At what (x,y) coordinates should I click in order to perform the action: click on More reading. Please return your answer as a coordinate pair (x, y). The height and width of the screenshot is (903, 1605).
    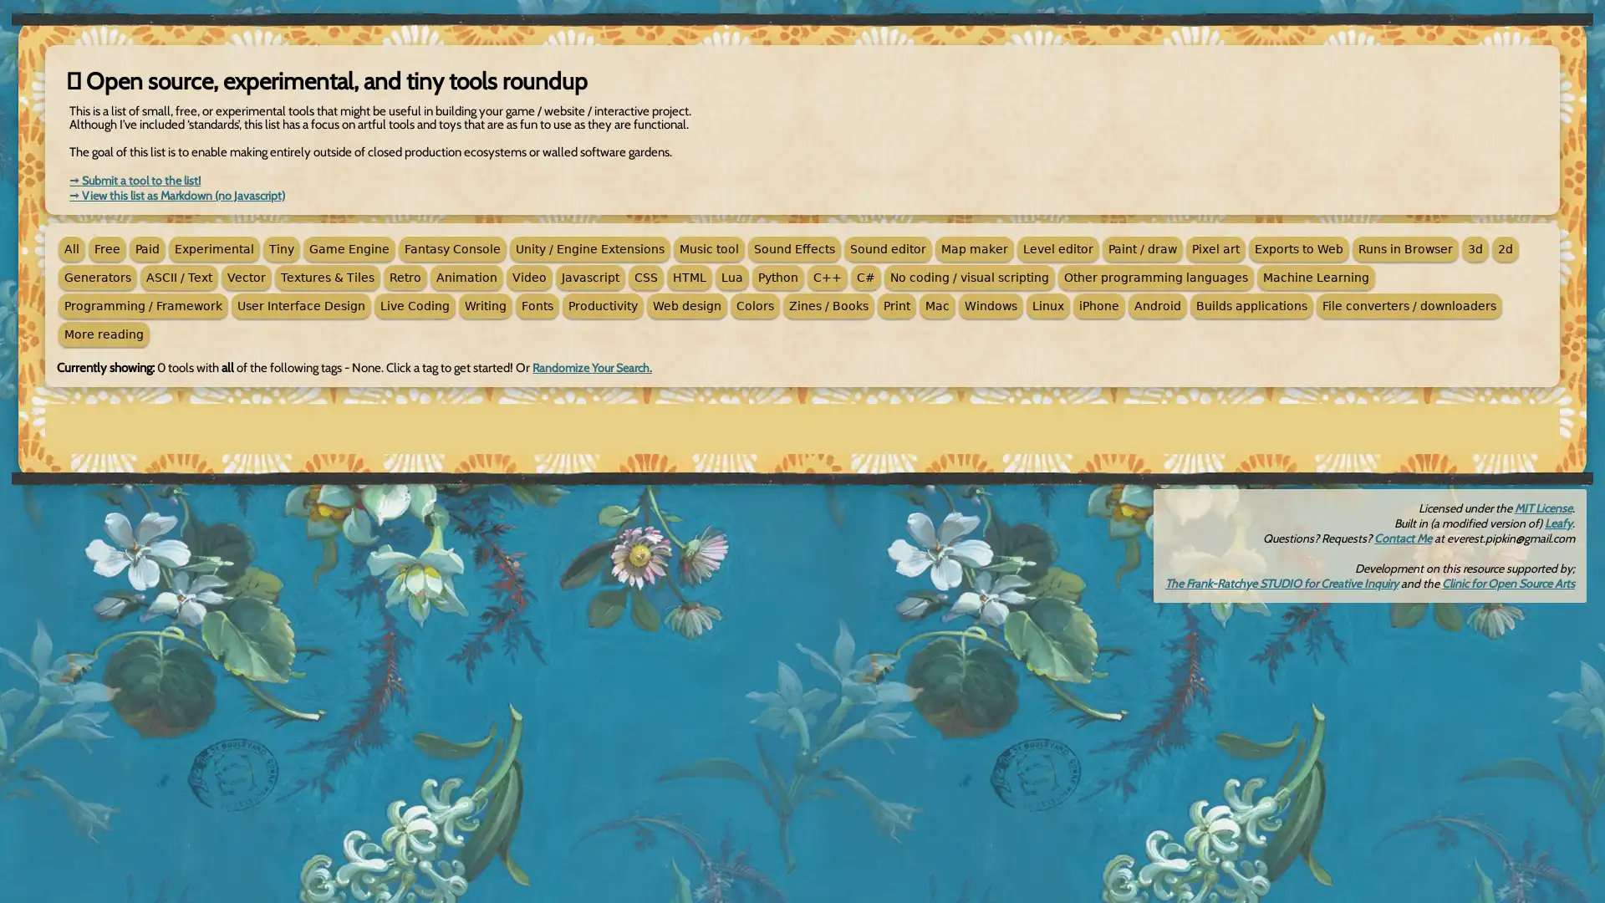
    Looking at the image, I should click on (103, 334).